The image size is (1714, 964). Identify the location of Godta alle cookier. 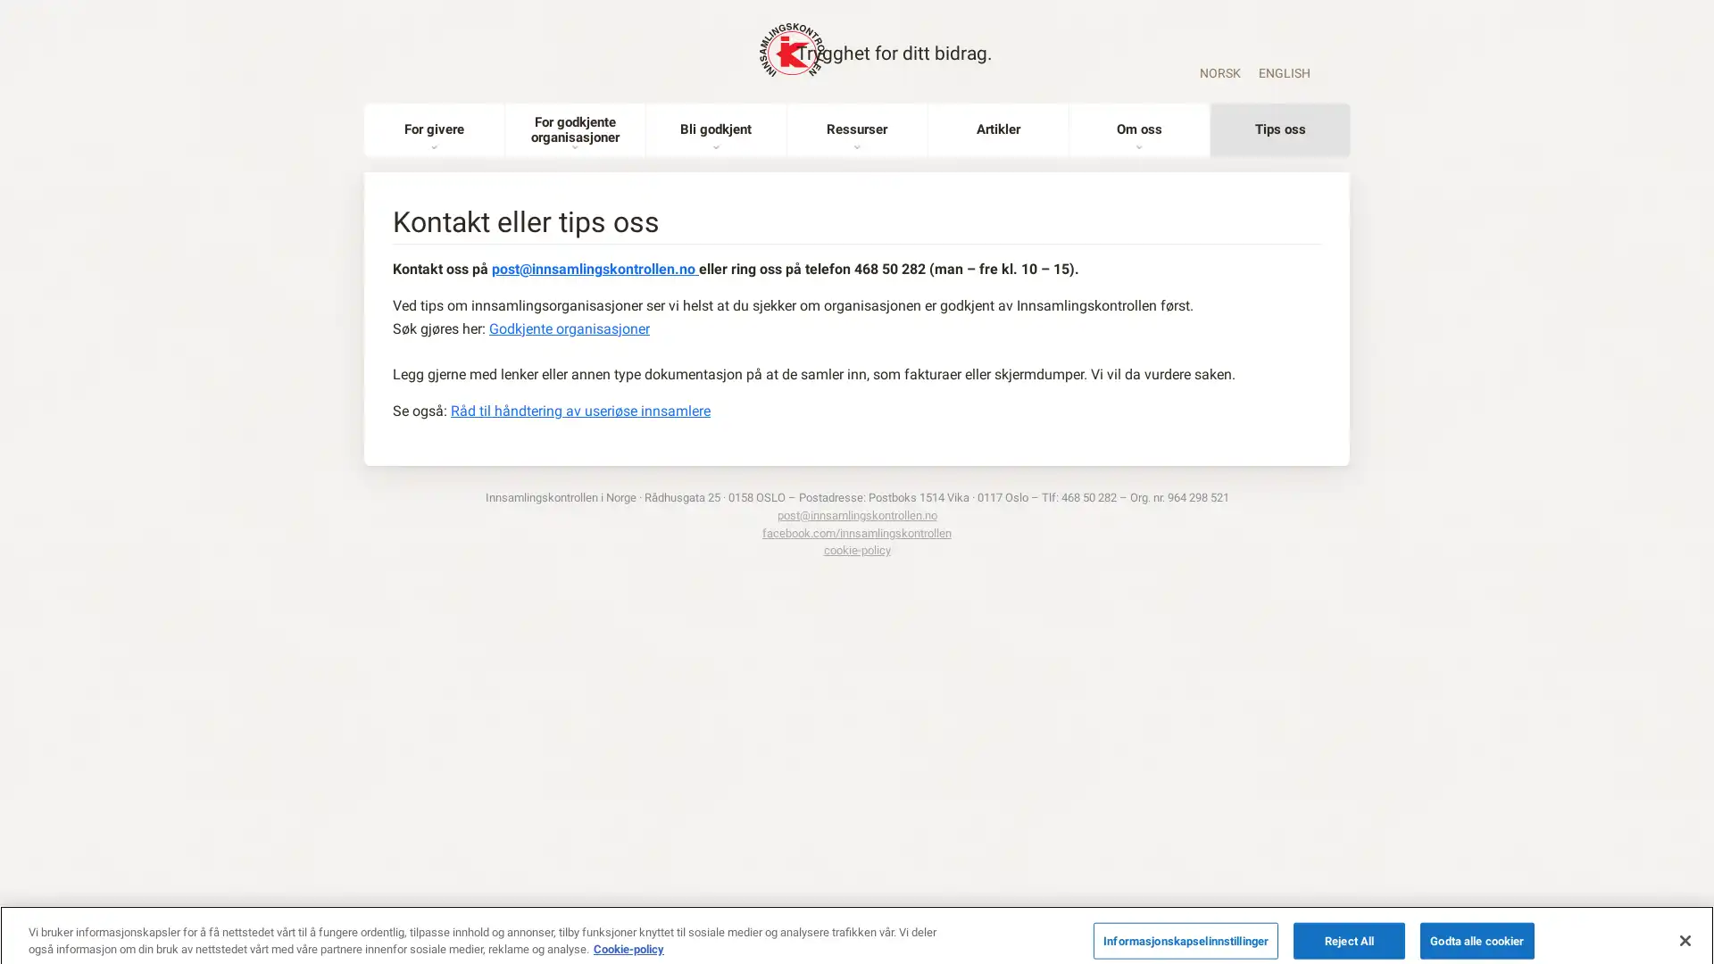
(1477, 925).